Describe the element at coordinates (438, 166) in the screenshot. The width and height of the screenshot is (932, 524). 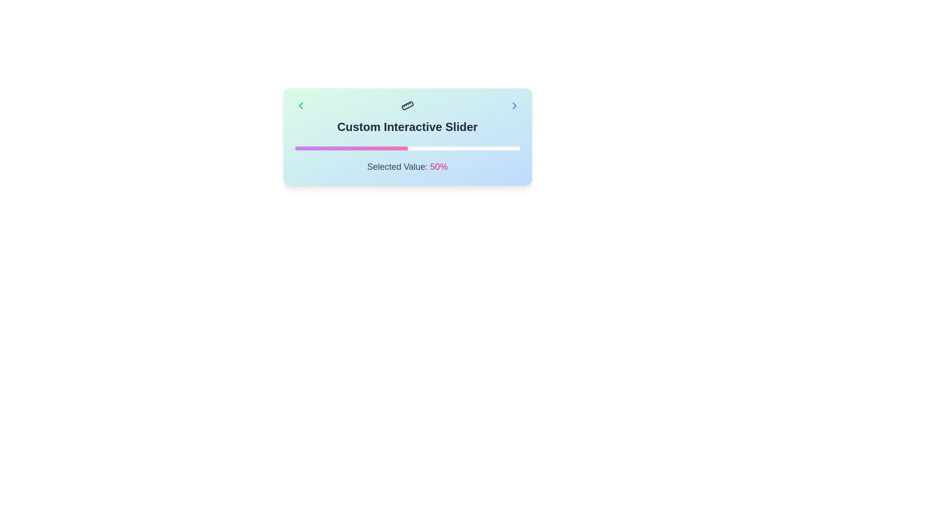
I see `the informative text displaying the currently selected percentage value, which reads 'Selected Value: 50%'` at that location.